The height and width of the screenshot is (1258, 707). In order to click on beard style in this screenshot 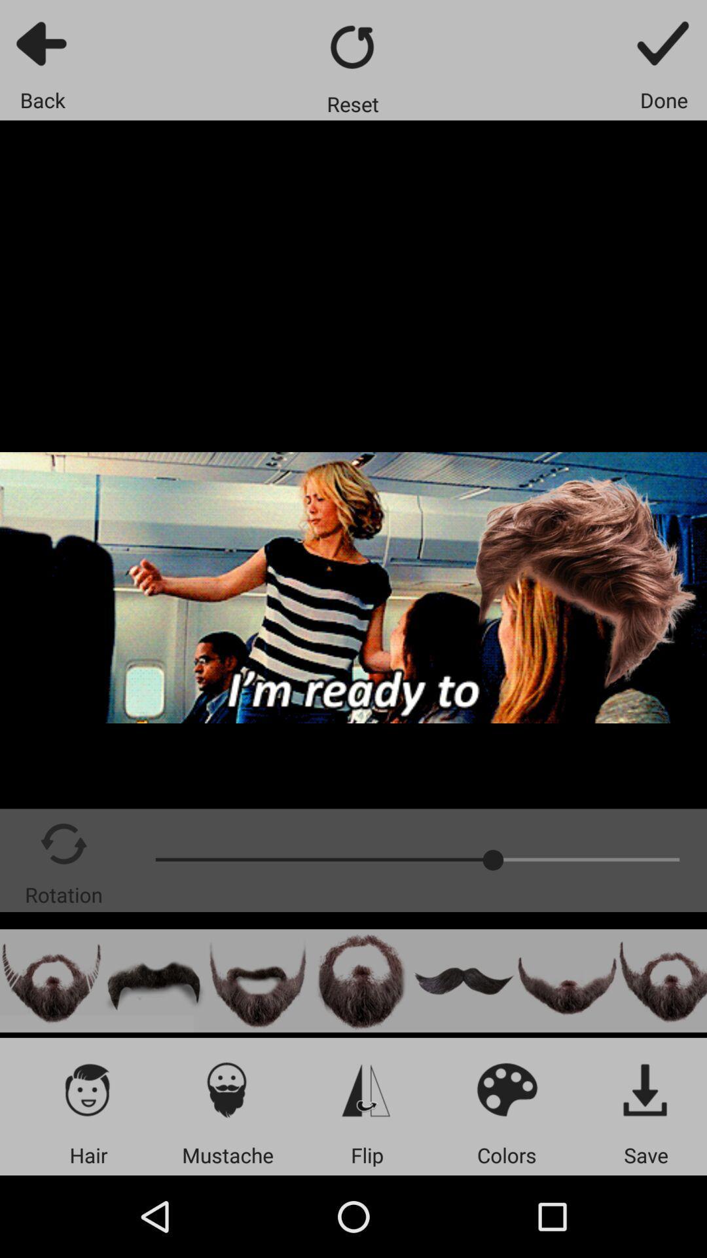, I will do `click(662, 981)`.